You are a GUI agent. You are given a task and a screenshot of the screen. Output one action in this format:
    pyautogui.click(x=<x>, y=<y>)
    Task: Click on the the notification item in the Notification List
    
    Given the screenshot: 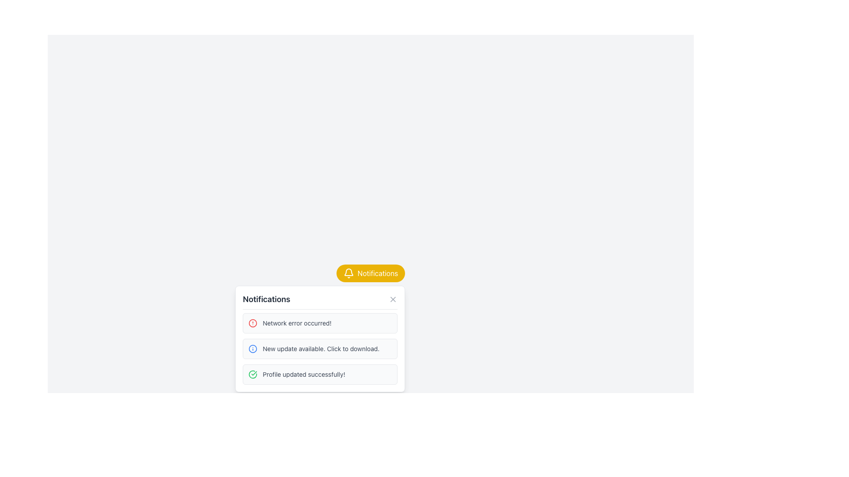 What is the action you would take?
    pyautogui.click(x=320, y=348)
    